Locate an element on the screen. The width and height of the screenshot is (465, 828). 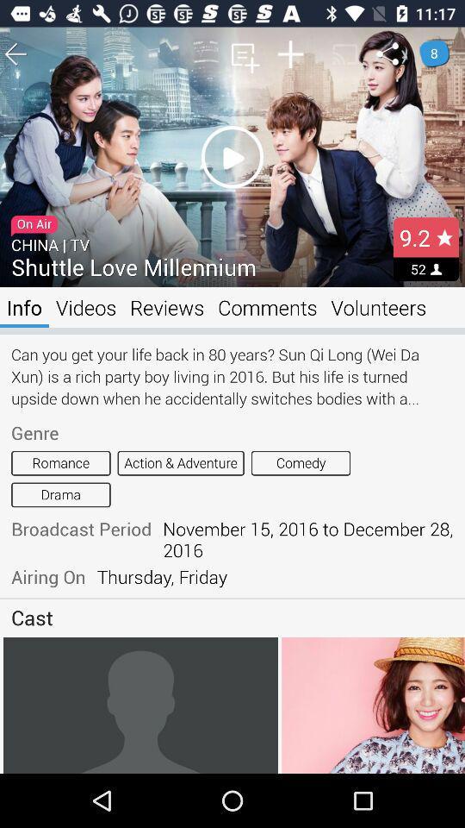
icon next to info app is located at coordinates (85, 307).